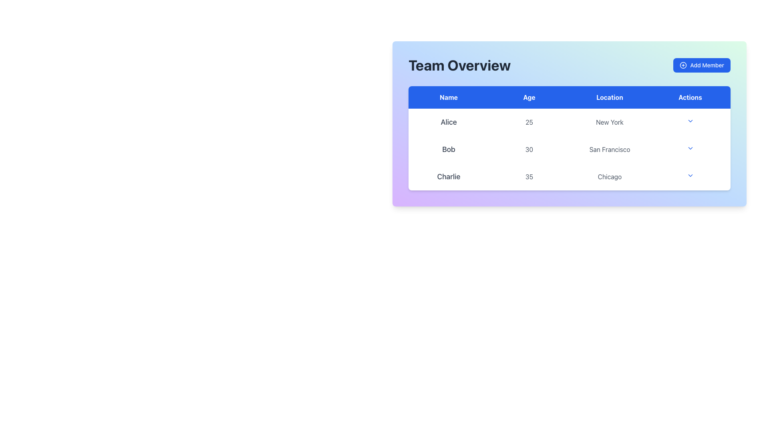  Describe the element at coordinates (609, 122) in the screenshot. I see `the 'New York' text label located in the 'Location' column of the table, which is styled for readability and appears in gray font, associated with the row for 'Alice'` at that location.